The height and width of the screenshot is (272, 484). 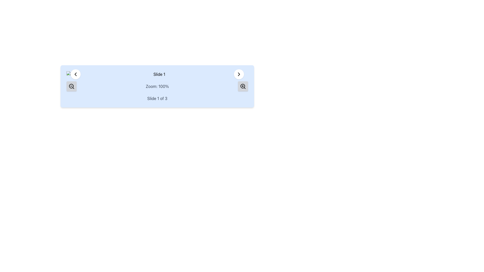 What do you see at coordinates (71, 86) in the screenshot?
I see `the magnifying glass icon with a minus symbol inside it` at bounding box center [71, 86].